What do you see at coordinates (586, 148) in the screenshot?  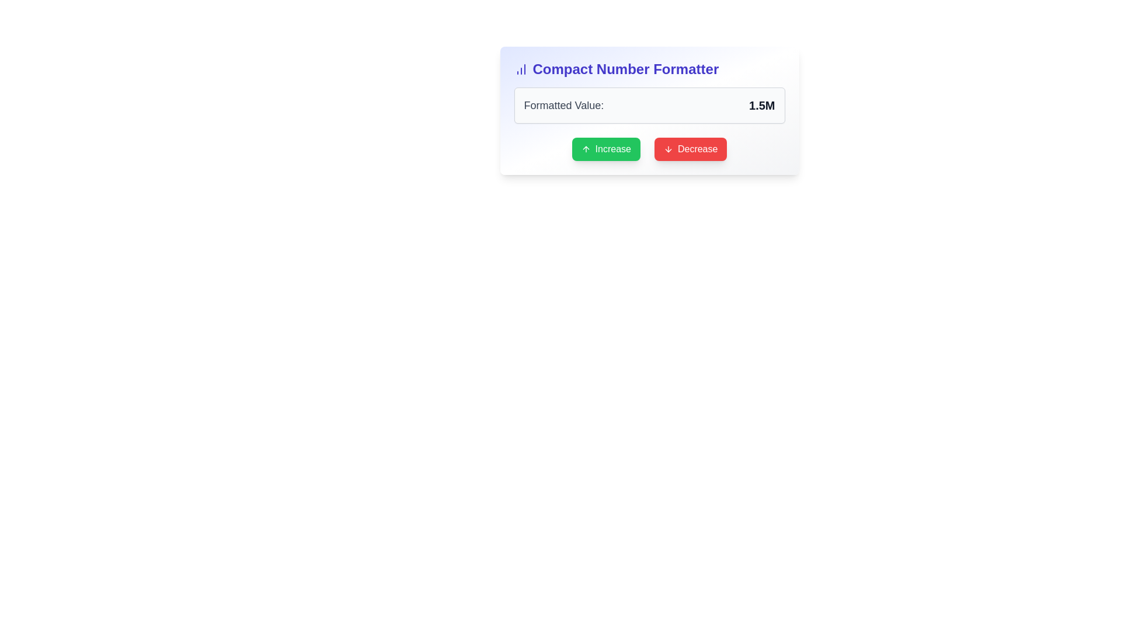 I see `the increase icon located to the left of the green 'Increase' button in the control panel interface` at bounding box center [586, 148].